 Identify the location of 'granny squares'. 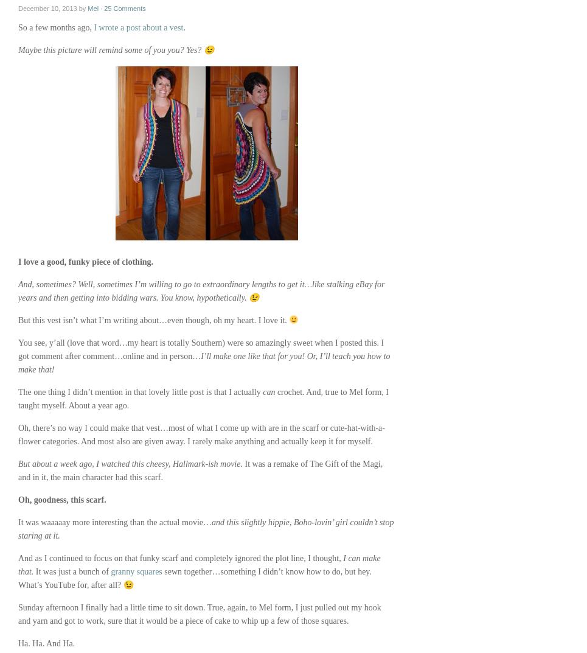
(135, 571).